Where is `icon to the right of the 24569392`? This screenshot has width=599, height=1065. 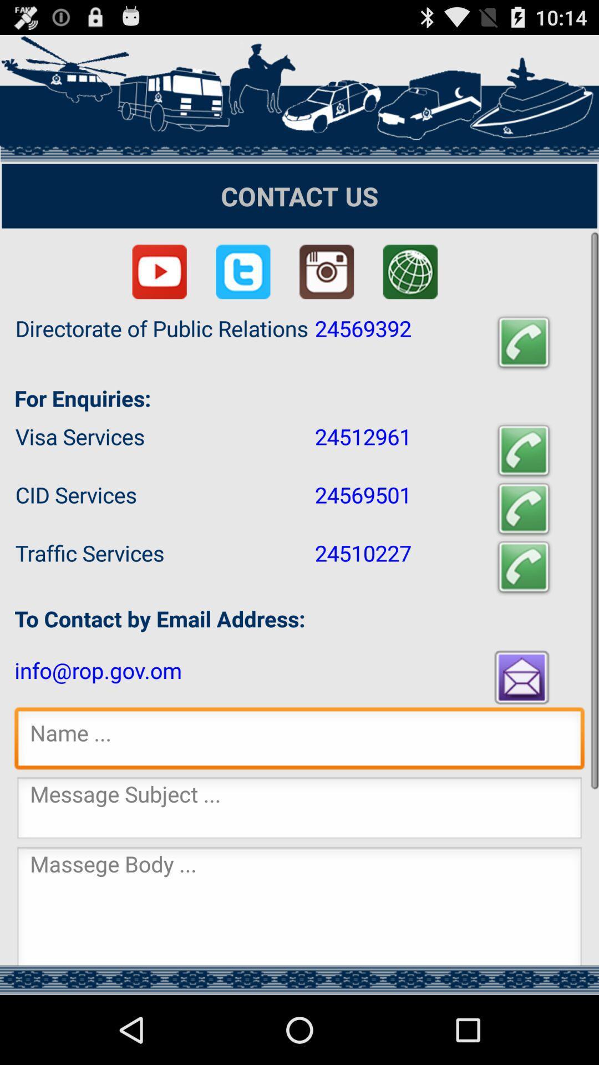 icon to the right of the 24569392 is located at coordinates (524, 342).